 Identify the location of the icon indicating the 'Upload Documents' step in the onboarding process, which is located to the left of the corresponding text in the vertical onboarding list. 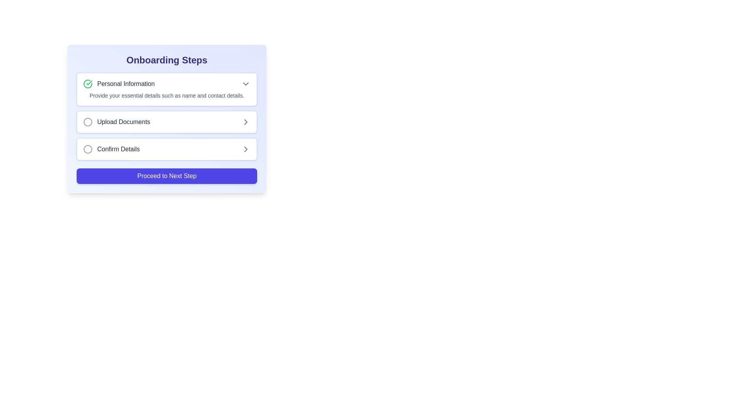
(88, 122).